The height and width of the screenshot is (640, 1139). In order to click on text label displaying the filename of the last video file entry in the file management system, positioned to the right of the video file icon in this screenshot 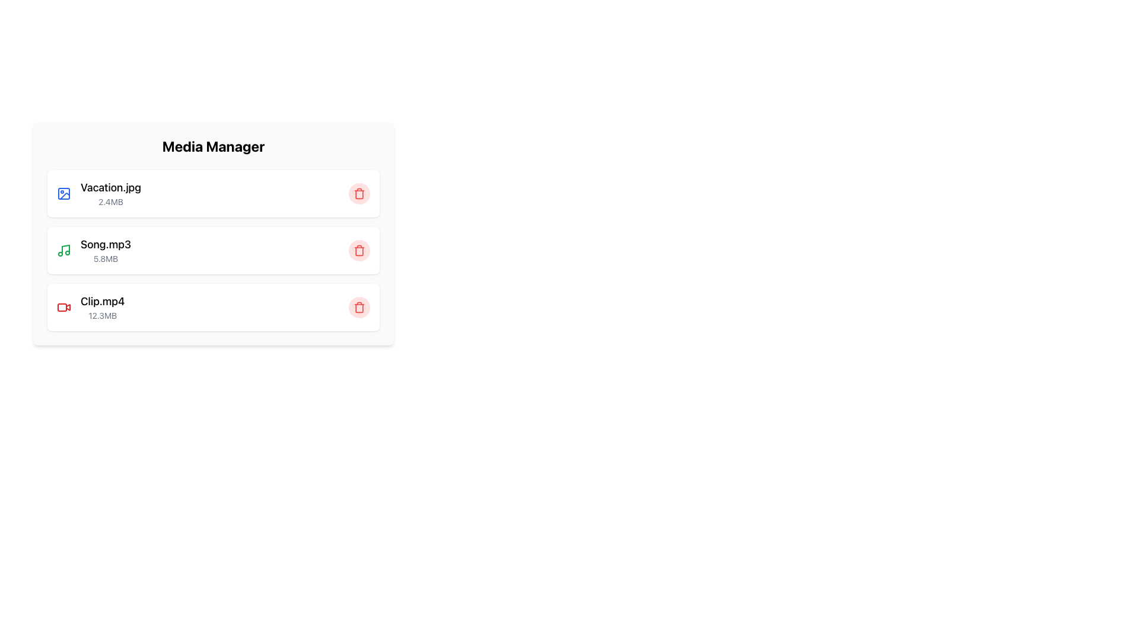, I will do `click(103, 301)`.